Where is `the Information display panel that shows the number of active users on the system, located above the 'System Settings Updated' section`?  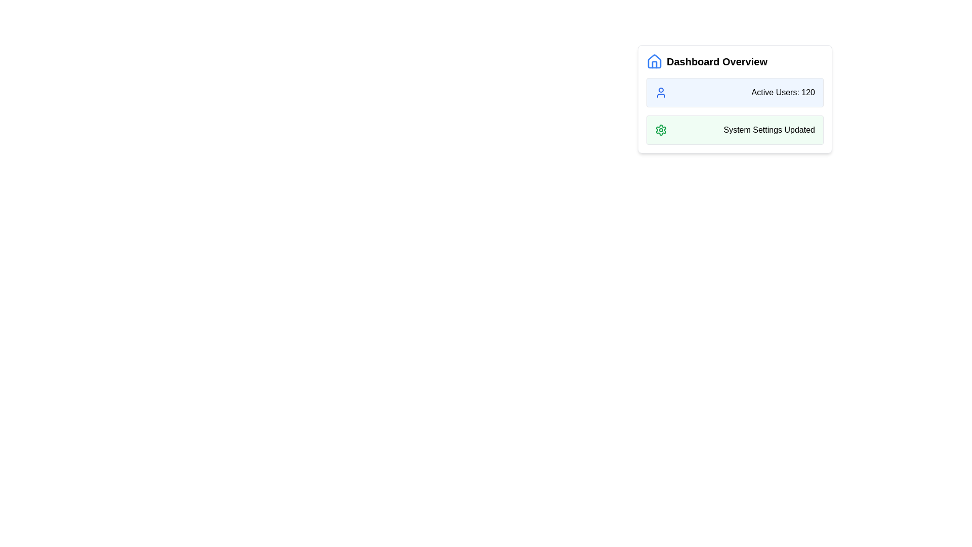
the Information display panel that shows the number of active users on the system, located above the 'System Settings Updated' section is located at coordinates (735, 92).